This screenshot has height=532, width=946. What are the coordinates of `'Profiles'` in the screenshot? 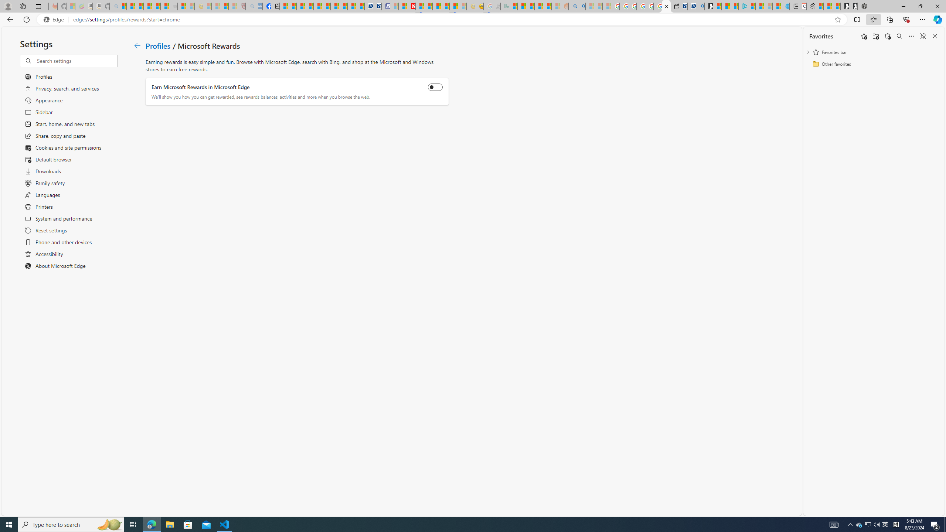 It's located at (158, 45).